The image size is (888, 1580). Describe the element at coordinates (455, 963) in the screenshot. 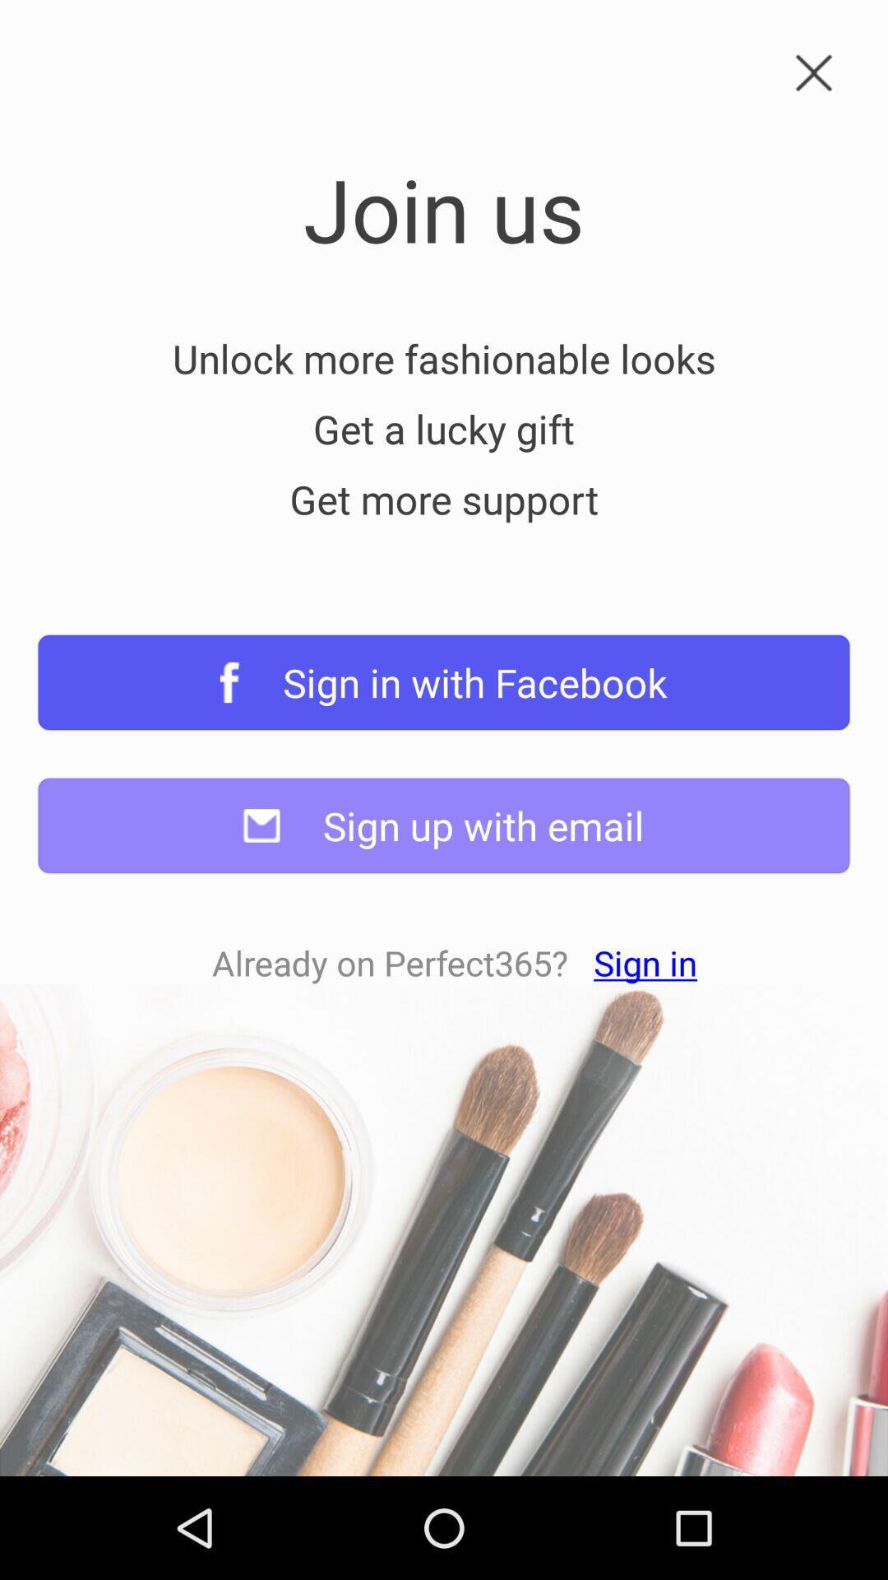

I see `the already on perfect365` at that location.